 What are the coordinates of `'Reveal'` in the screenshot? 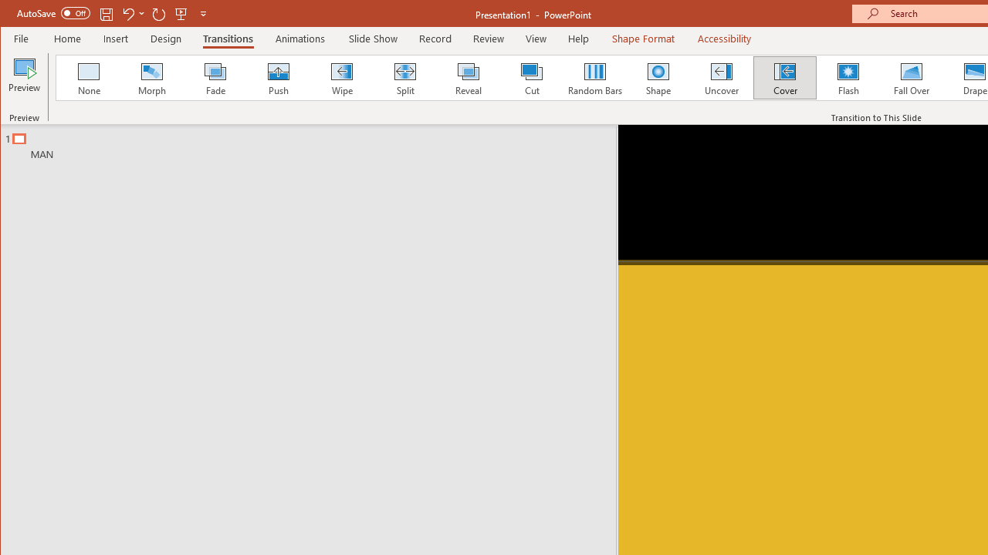 It's located at (467, 77).